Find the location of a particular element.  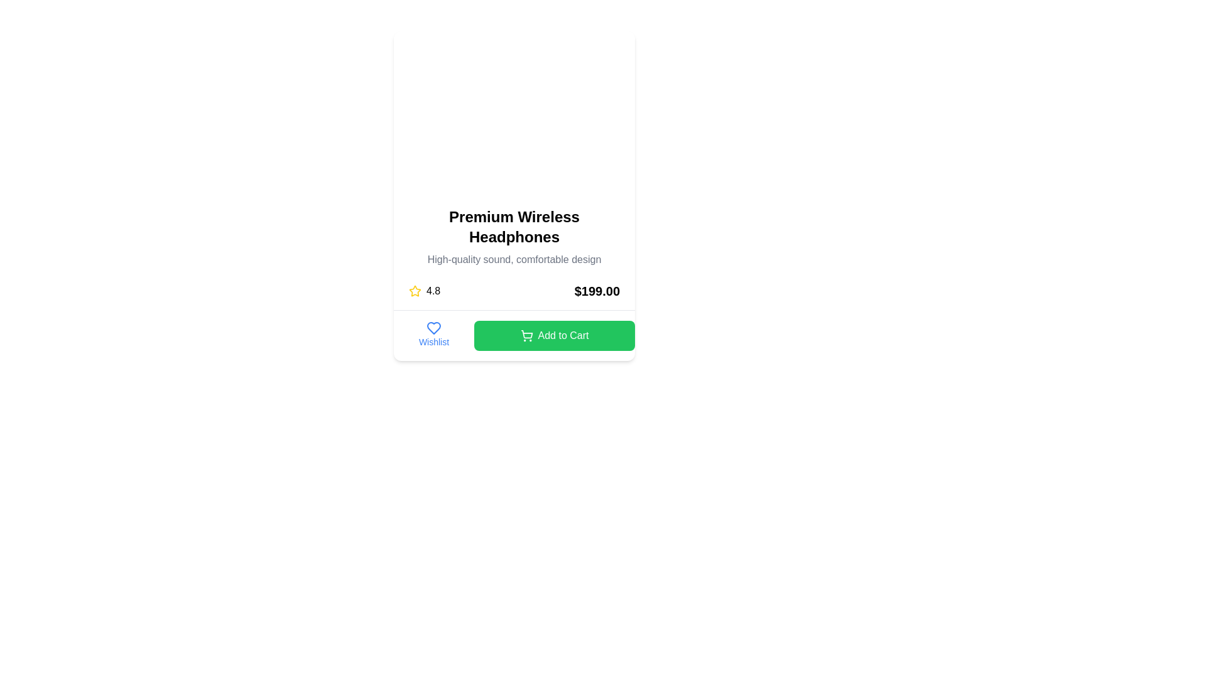

the Rating Display element that visually represents the rating of the item with a star icon, located to the left of the price '$199.00' is located at coordinates (425, 291).